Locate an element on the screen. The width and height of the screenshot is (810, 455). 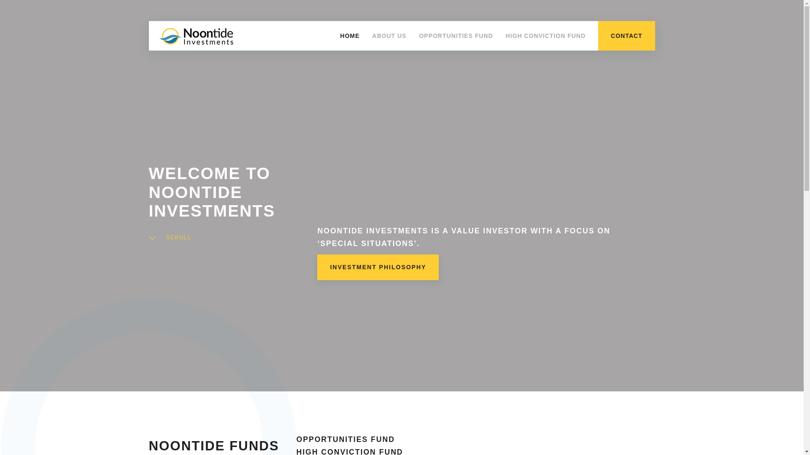
'CONTACT' is located at coordinates (626, 35).